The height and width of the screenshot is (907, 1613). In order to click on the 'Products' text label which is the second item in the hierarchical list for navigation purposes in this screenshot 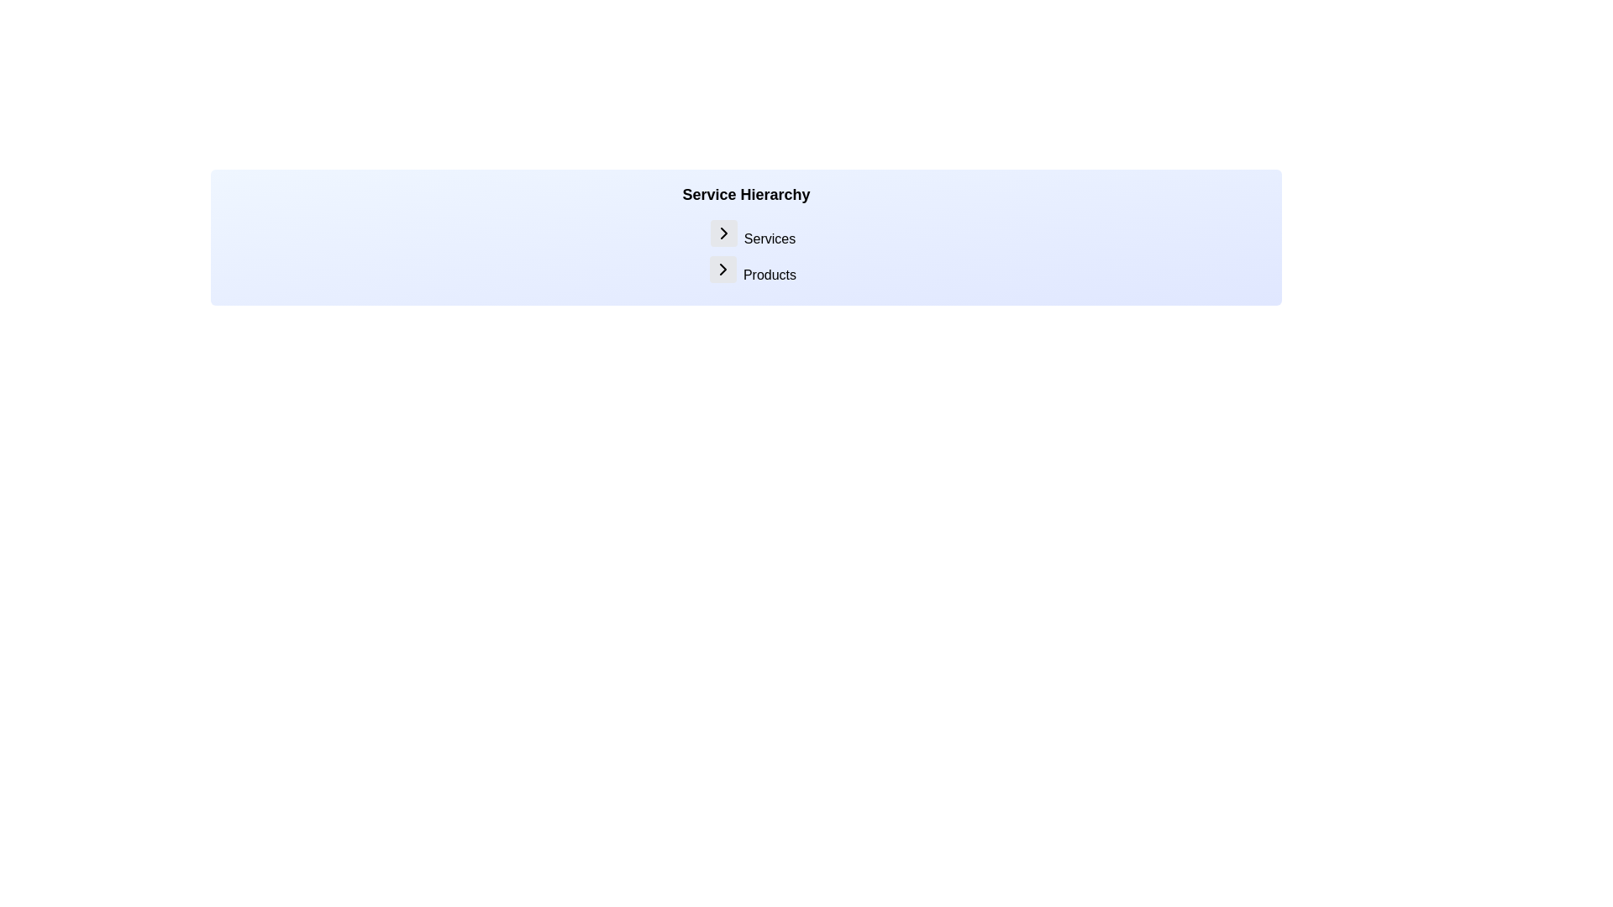, I will do `click(752, 270)`.